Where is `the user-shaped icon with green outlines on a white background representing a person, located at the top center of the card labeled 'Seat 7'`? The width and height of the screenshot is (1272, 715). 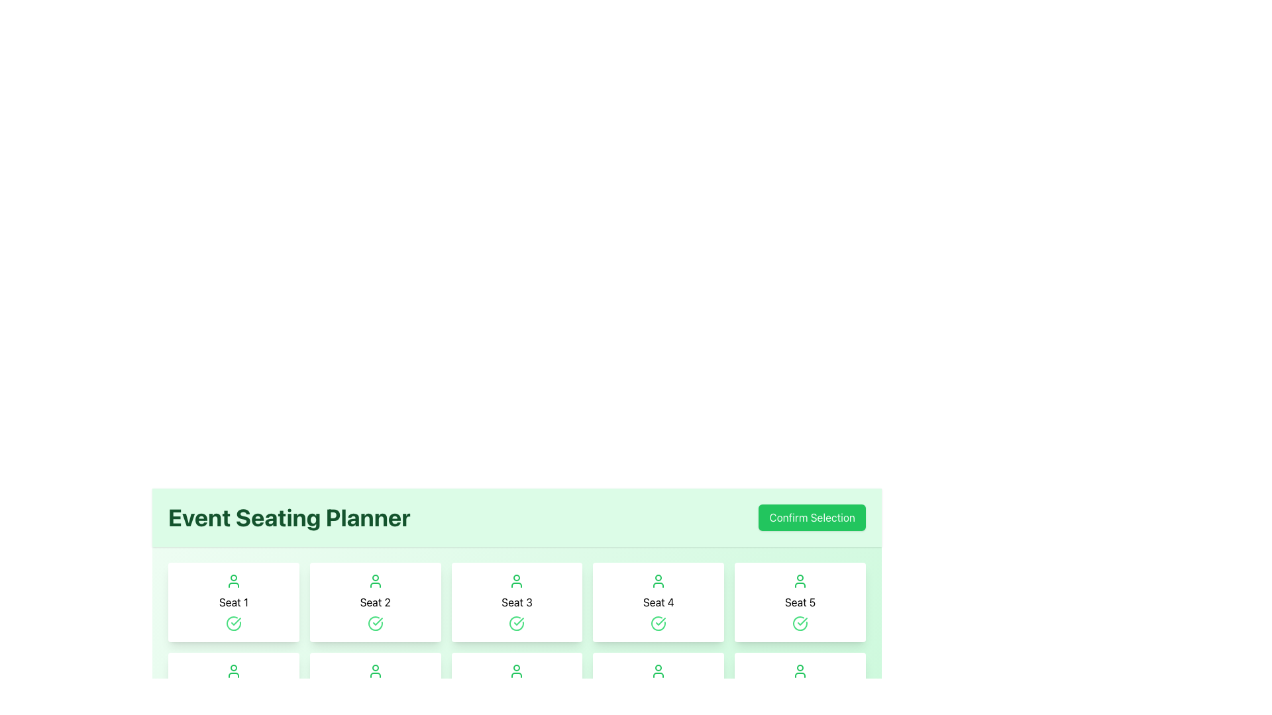 the user-shaped icon with green outlines on a white background representing a person, located at the top center of the card labeled 'Seat 7' is located at coordinates (374, 671).